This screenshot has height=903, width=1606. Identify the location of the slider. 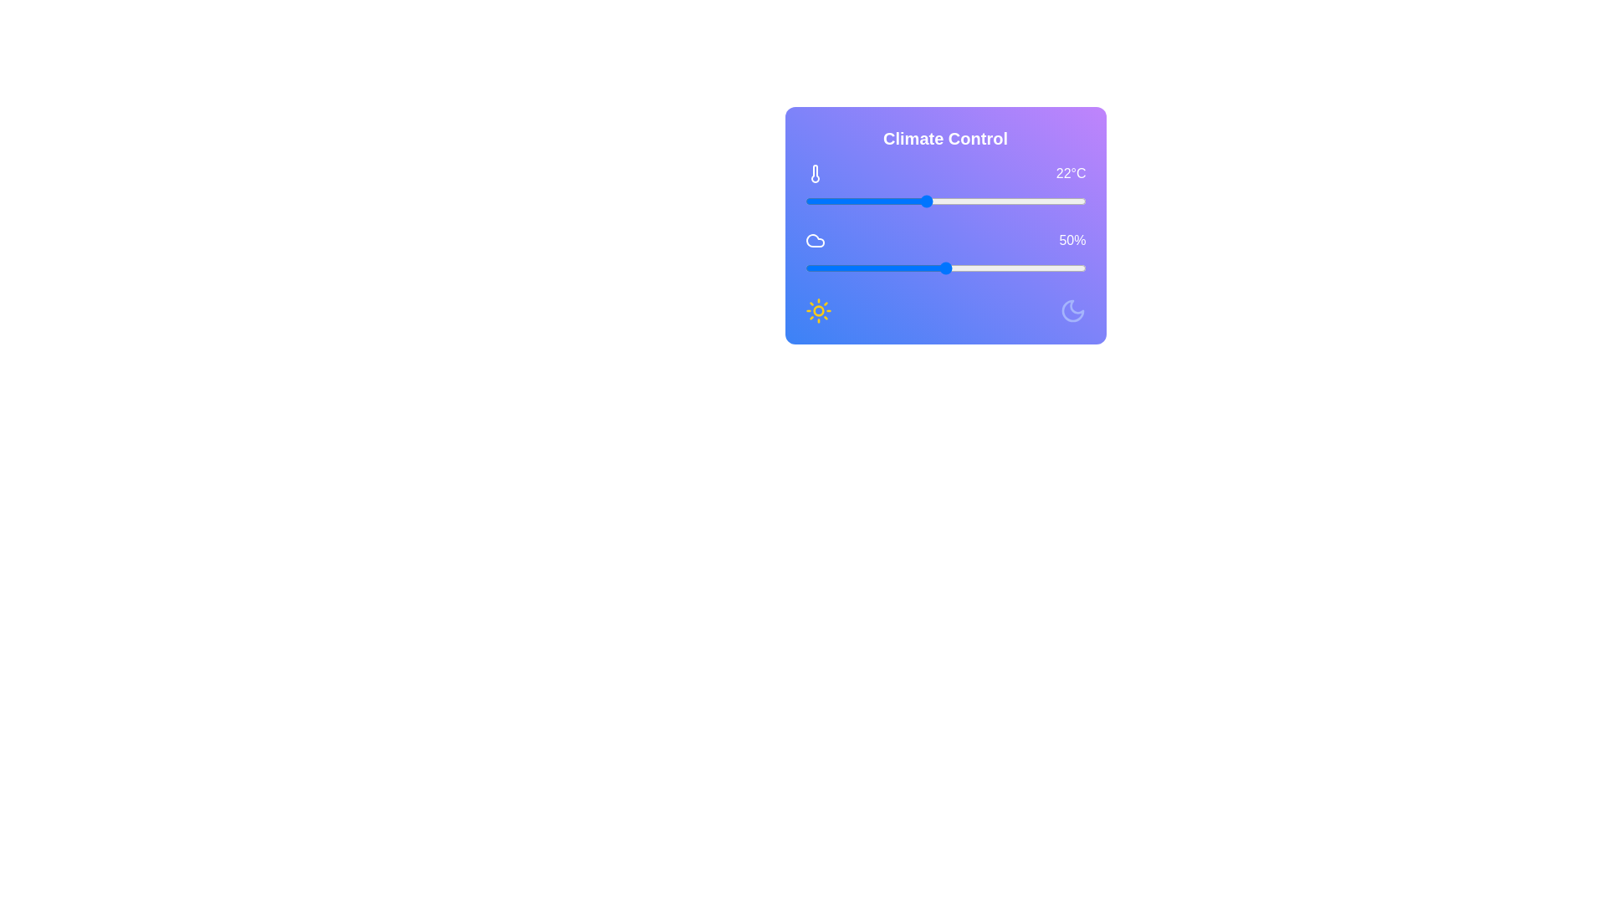
(974, 267).